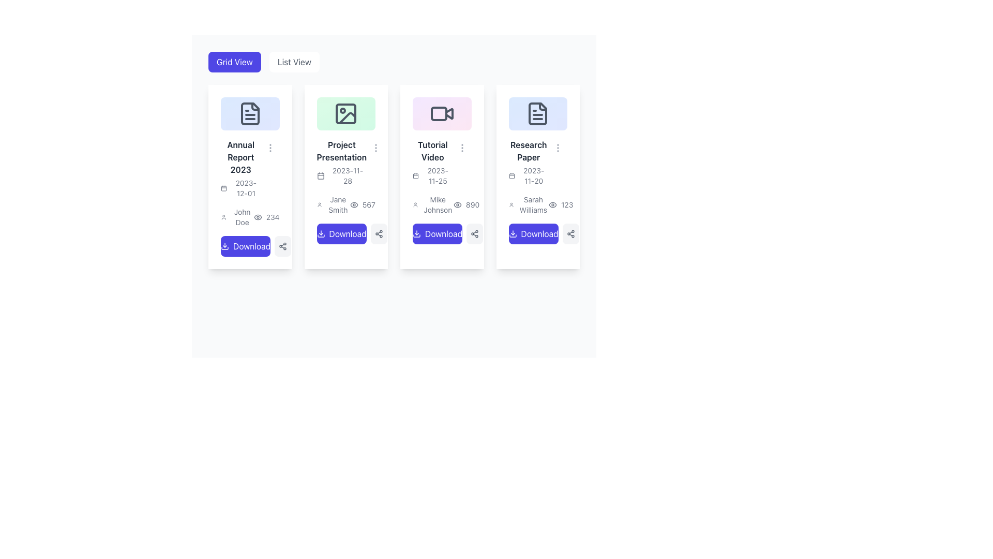 The width and height of the screenshot is (993, 559). I want to click on the Text label that serves as the title for the third card in a grid of four cards, located just beneath an icon, so click(432, 151).